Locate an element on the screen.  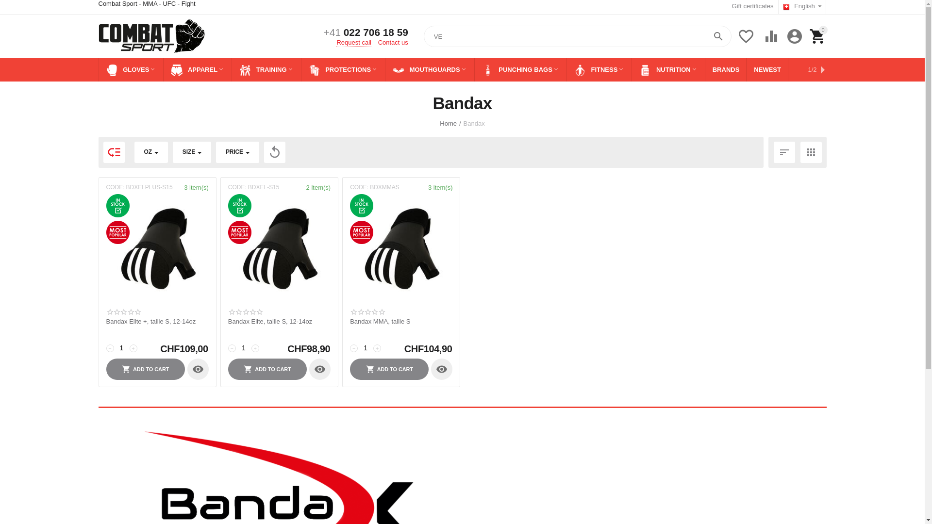
'Request call' is located at coordinates (353, 42).